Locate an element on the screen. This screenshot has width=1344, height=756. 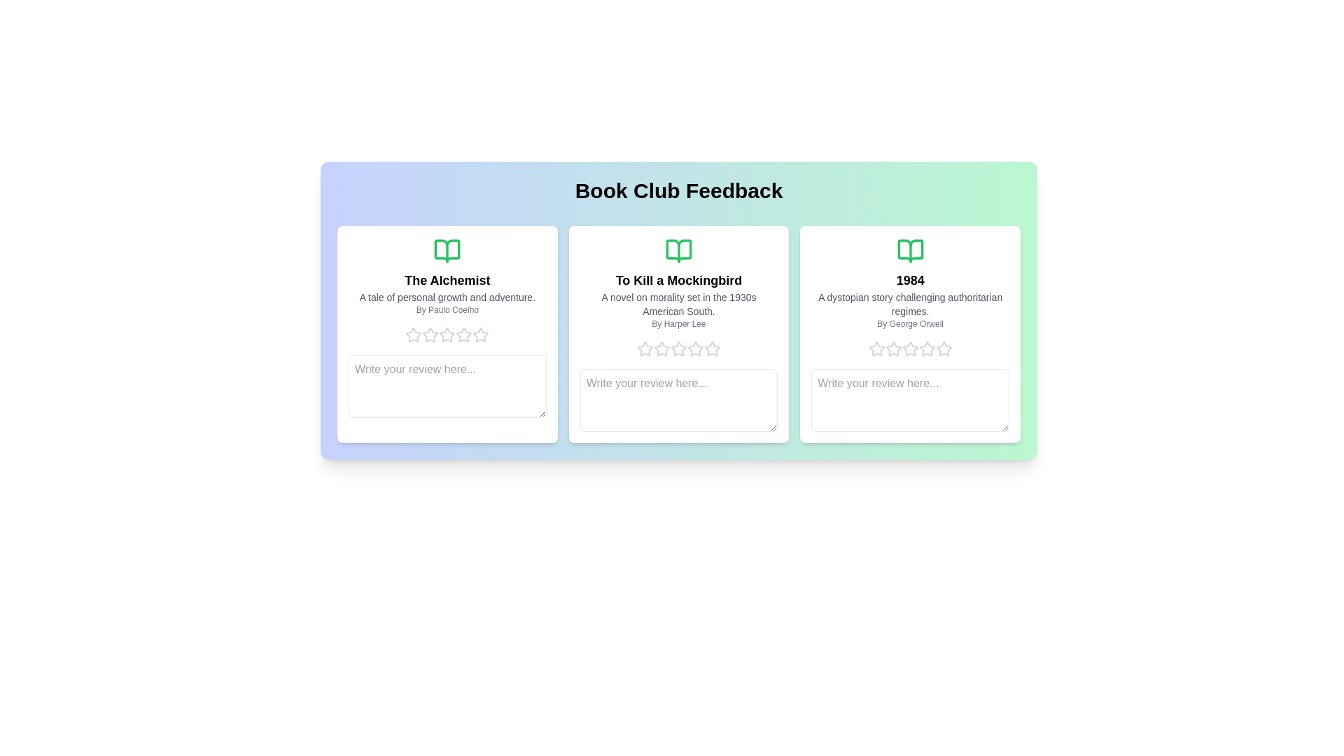
the fifth light gray star-shaped rating icon in the rating section below 'The Alchemist' title is located at coordinates (464, 335).